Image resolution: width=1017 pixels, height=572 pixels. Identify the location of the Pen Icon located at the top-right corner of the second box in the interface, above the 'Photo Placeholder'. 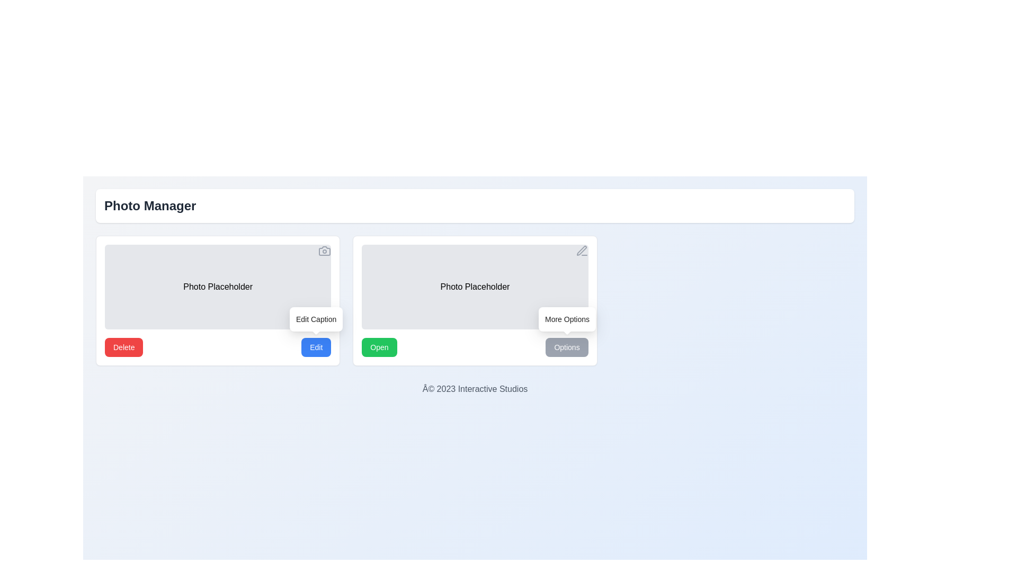
(581, 251).